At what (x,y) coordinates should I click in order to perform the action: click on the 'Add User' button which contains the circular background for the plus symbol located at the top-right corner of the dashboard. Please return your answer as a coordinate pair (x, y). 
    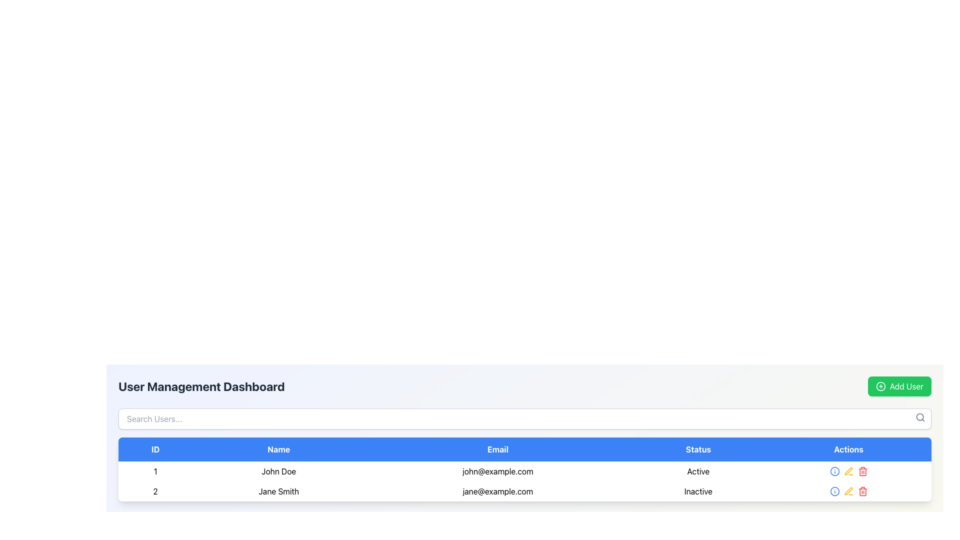
    Looking at the image, I should click on (880, 385).